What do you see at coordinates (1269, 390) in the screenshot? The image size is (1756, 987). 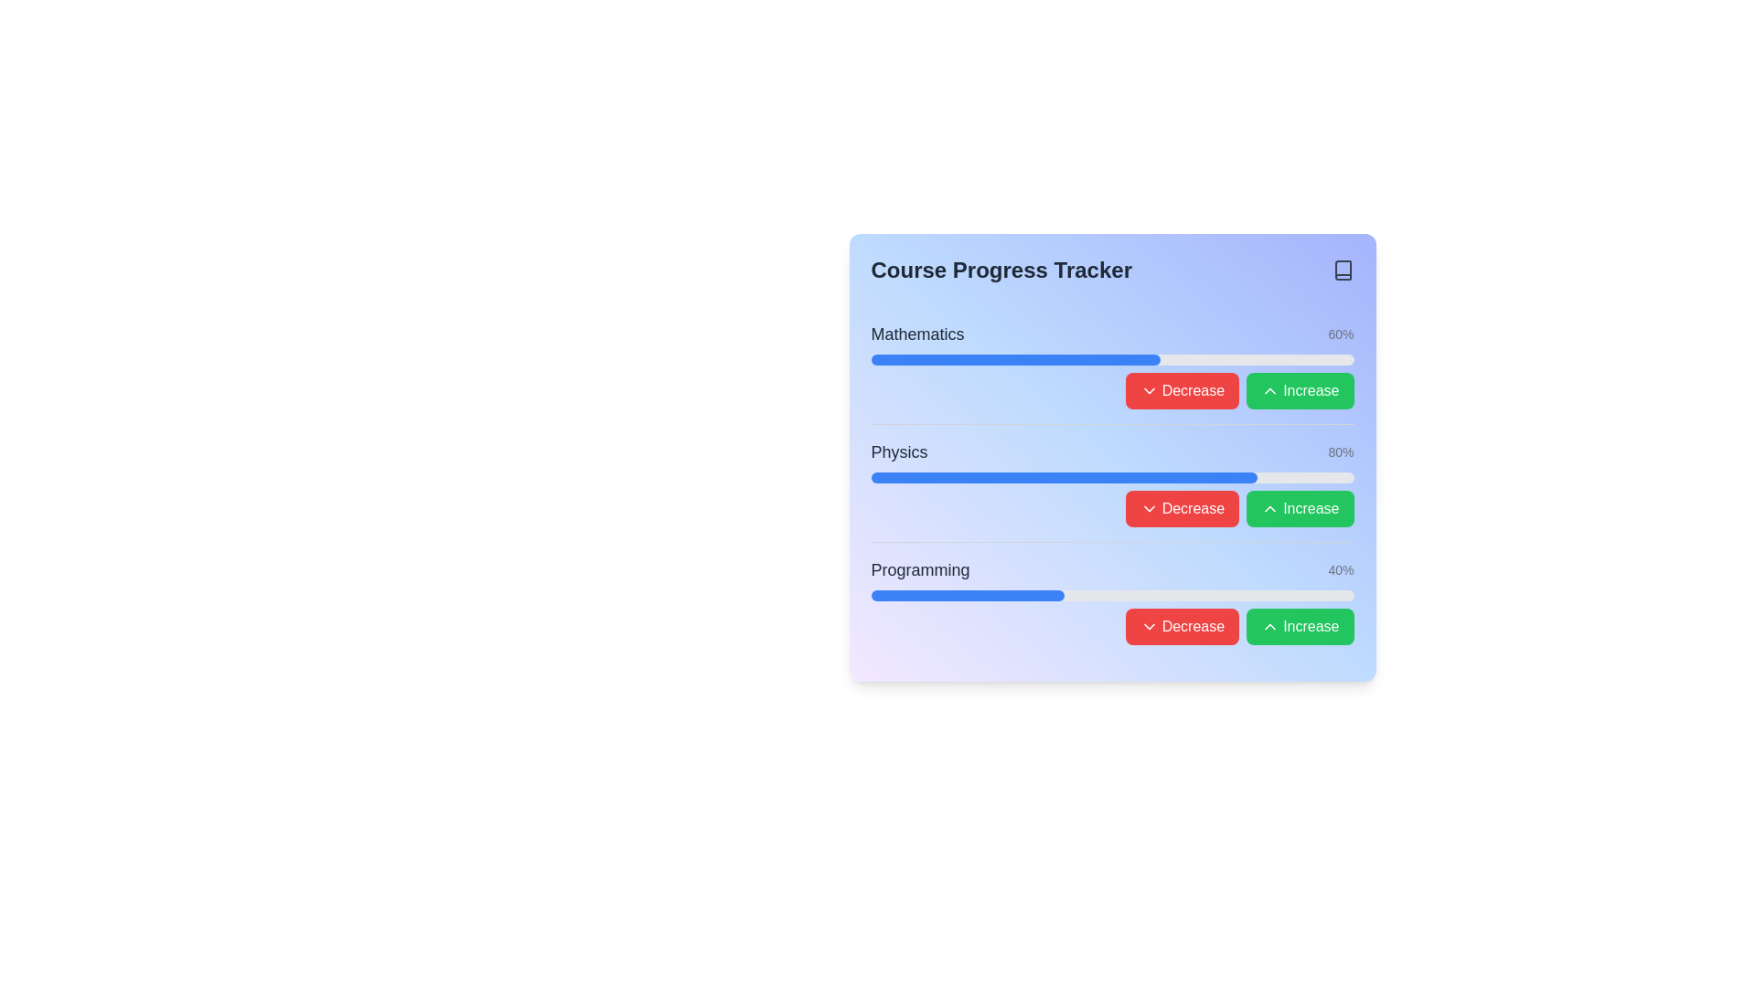 I see `the 'Increase' button, which is a rounded green button located at the far-right end of the Mathematics row in the progress tracker` at bounding box center [1269, 390].